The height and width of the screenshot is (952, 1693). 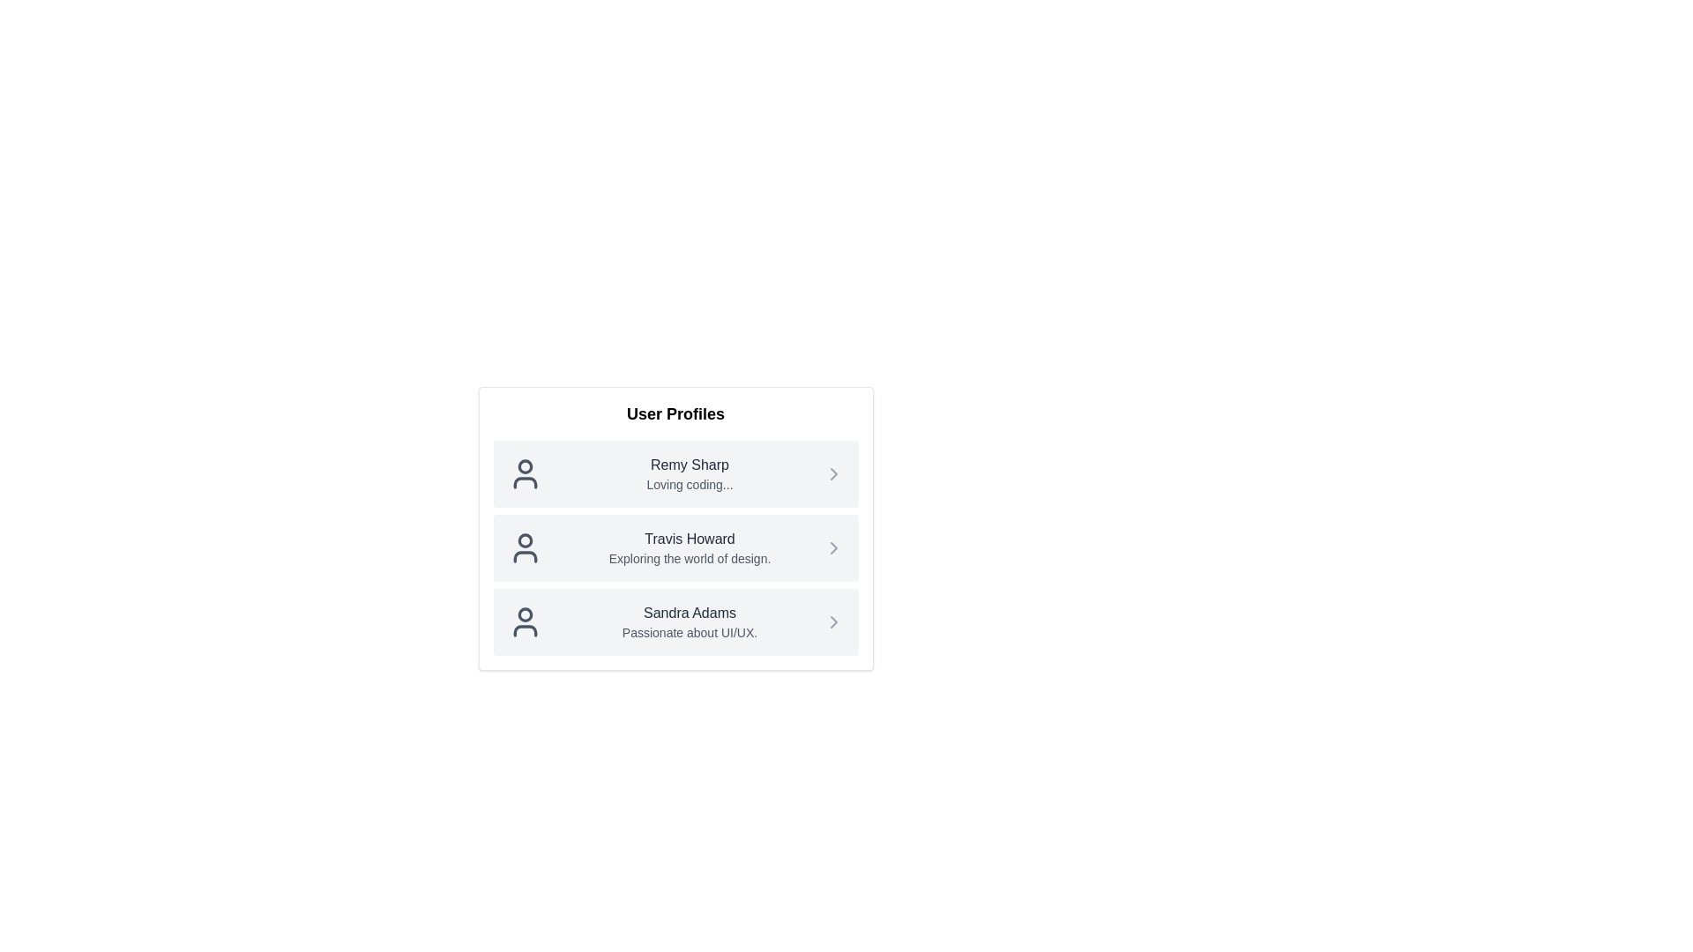 What do you see at coordinates (524, 557) in the screenshot?
I see `the curved line forming the bottom part of the user icon for the user profile entry of 'Travis Howard' located on the left side of the text` at bounding box center [524, 557].